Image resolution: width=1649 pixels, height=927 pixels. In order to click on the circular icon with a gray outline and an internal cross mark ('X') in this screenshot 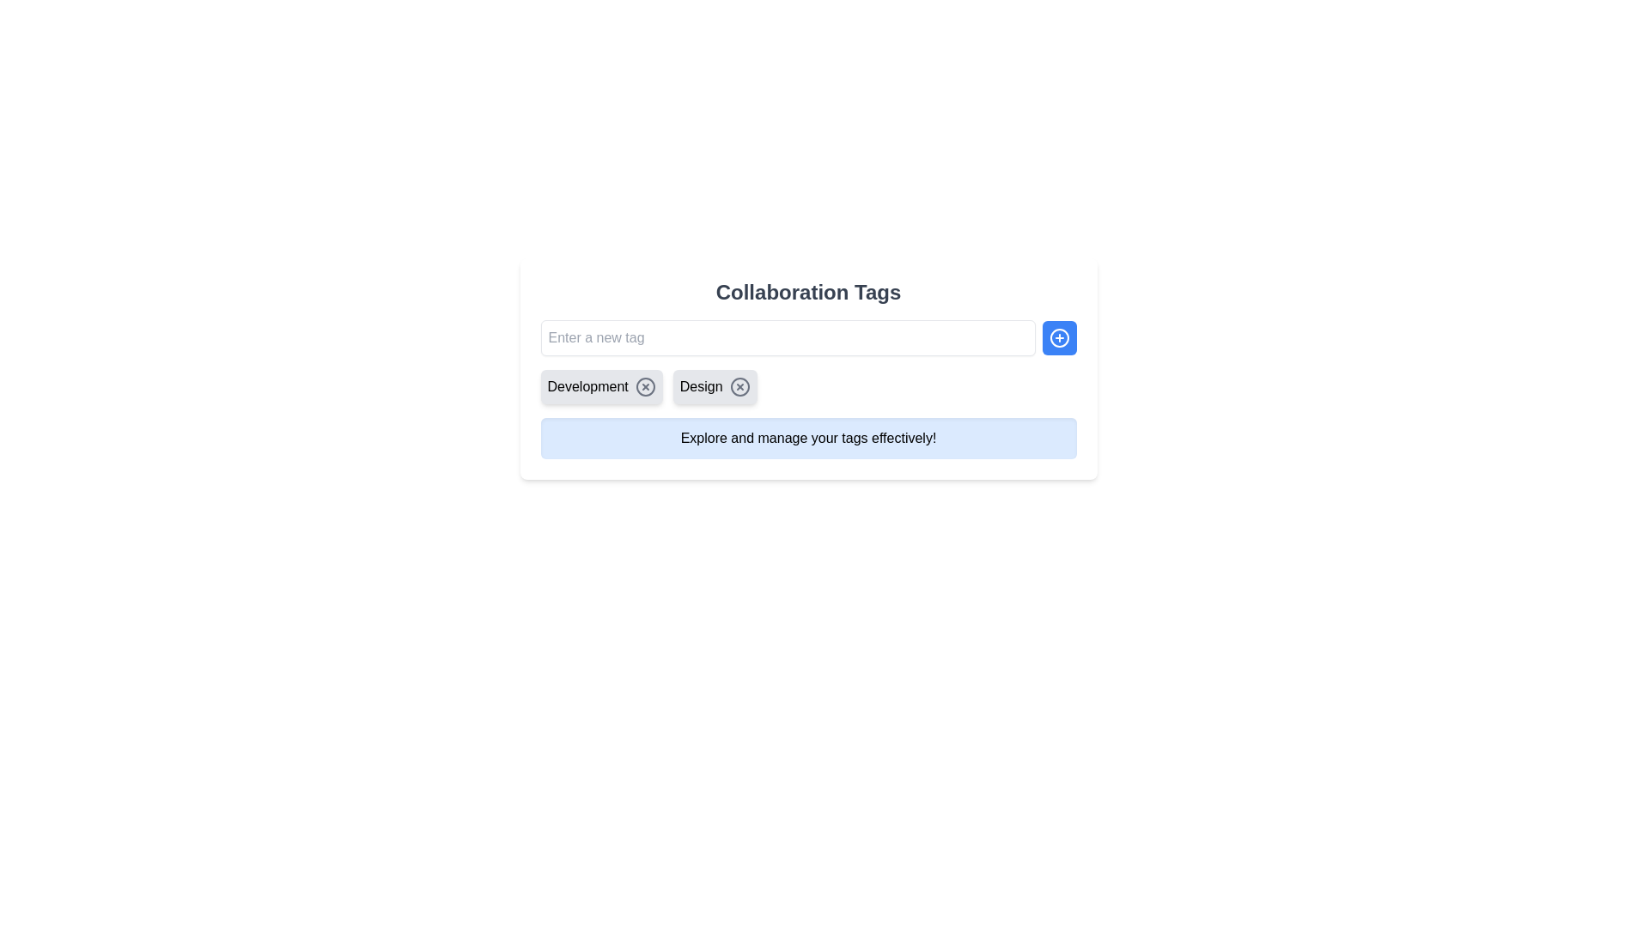, I will do `click(644, 387)`.